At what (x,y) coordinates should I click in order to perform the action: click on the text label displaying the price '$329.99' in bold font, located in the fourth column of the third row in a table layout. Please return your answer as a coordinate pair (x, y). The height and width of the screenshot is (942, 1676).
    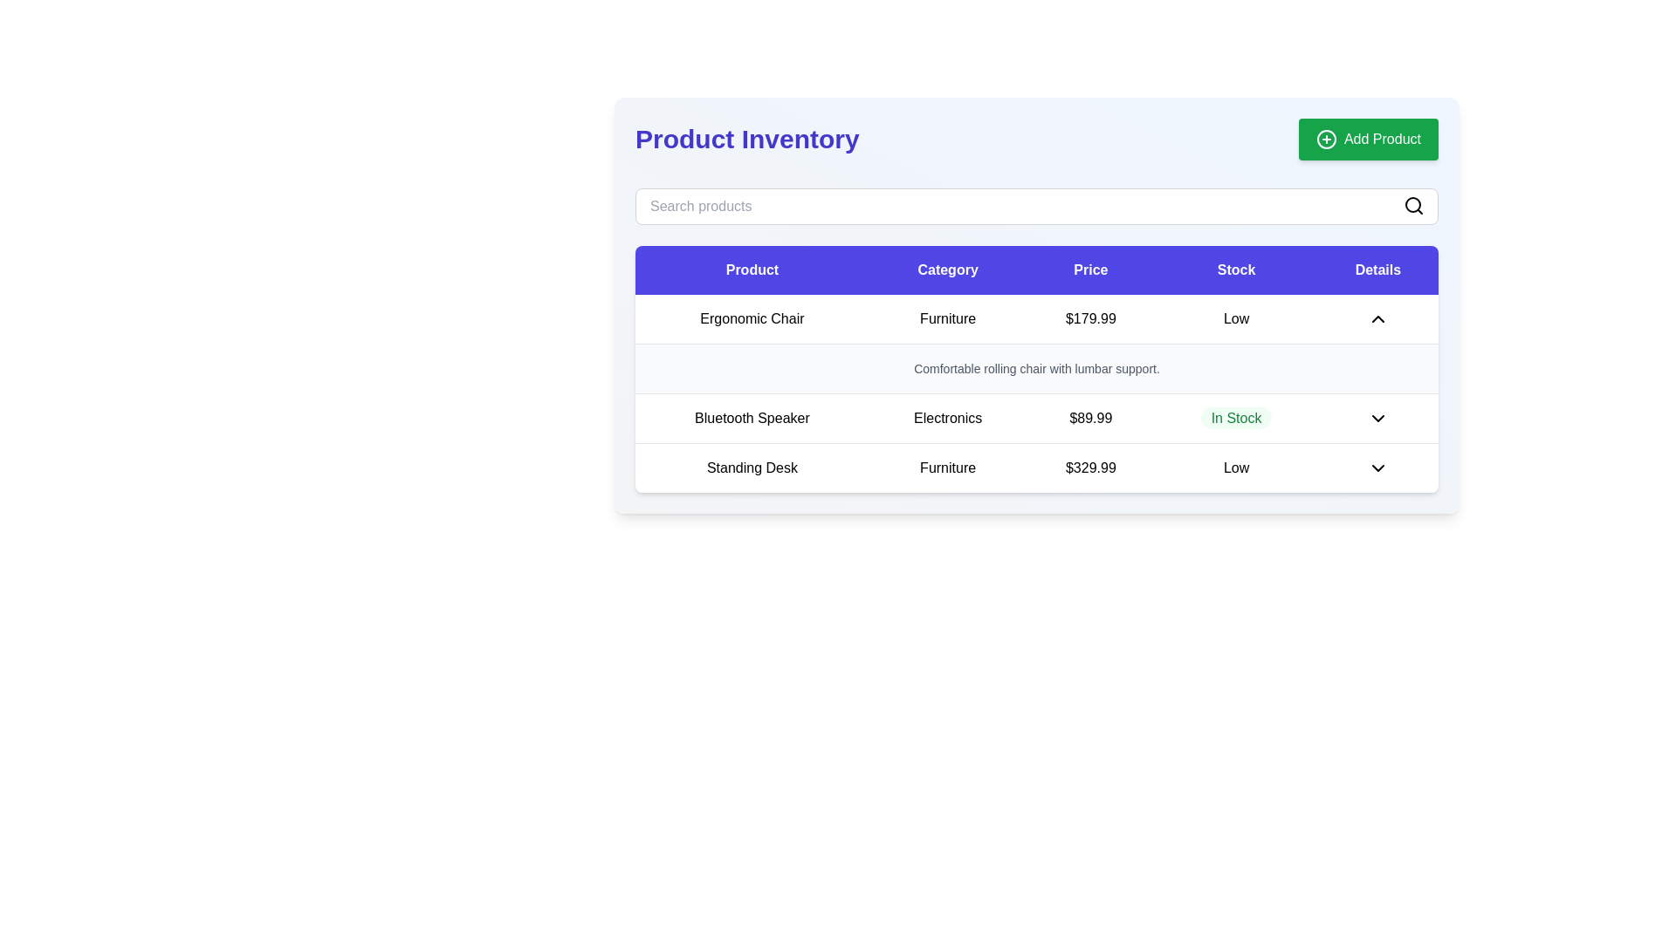
    Looking at the image, I should click on (1089, 467).